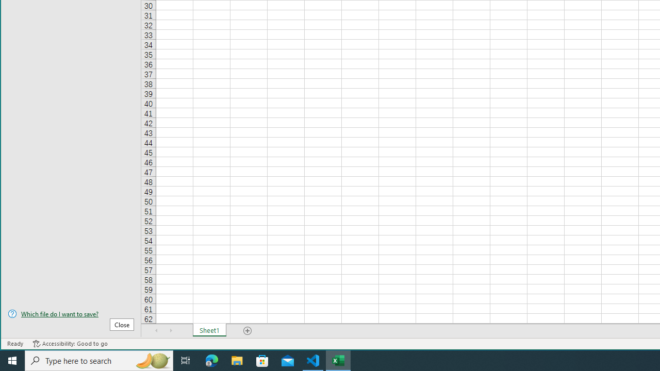 The height and width of the screenshot is (371, 660). What do you see at coordinates (312, 360) in the screenshot?
I see `'Visual Studio Code - 1 running window'` at bounding box center [312, 360].